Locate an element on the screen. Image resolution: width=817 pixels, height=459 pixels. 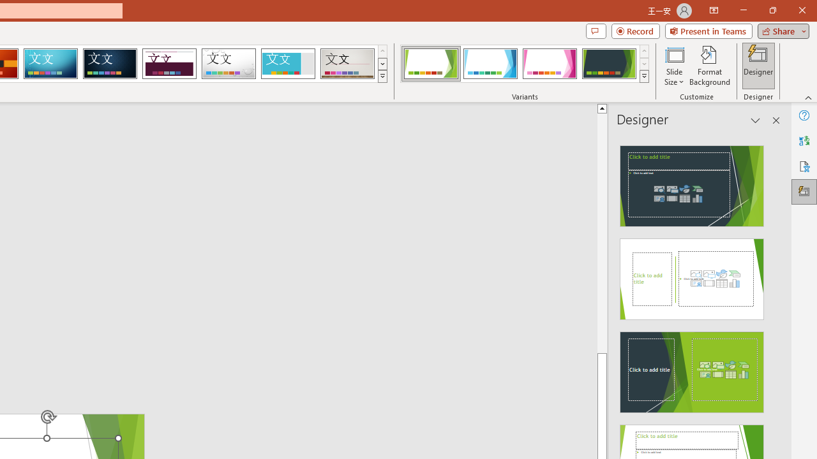
'Droplet' is located at coordinates (229, 64).